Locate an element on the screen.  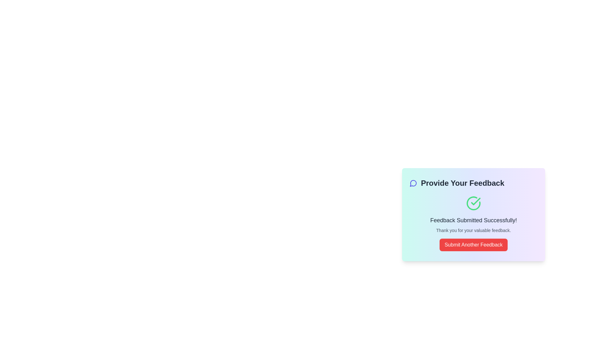
text label 'Provide Your Feedback' which is styled with a large, bold font in dark gray and includes an indigo speech bubble icon on its left side is located at coordinates (473, 183).